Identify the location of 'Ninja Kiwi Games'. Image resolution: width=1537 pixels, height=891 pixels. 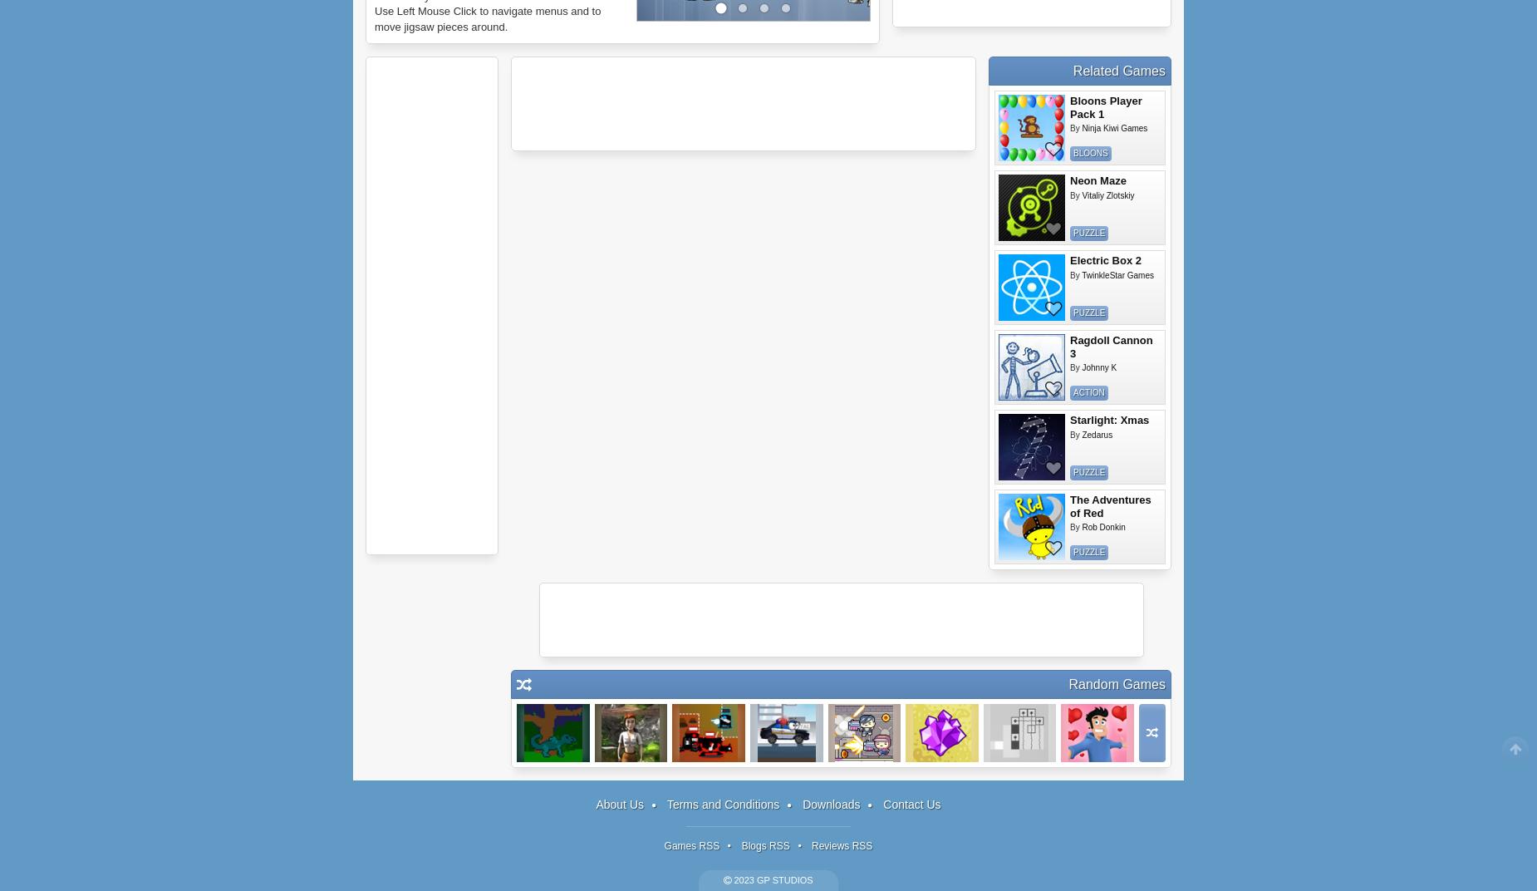
(1081, 127).